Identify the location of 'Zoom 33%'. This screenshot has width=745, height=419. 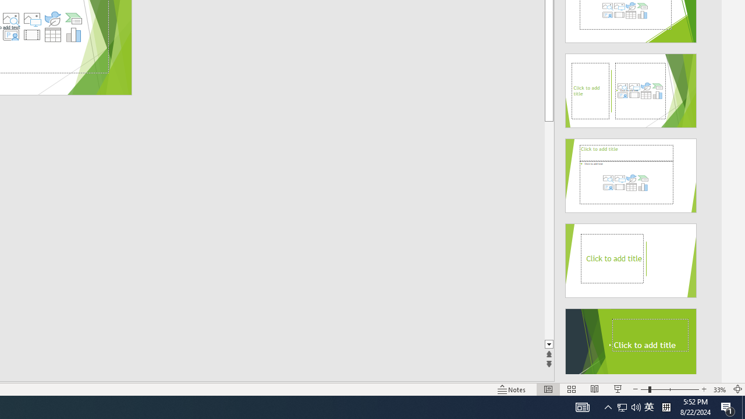
(719, 389).